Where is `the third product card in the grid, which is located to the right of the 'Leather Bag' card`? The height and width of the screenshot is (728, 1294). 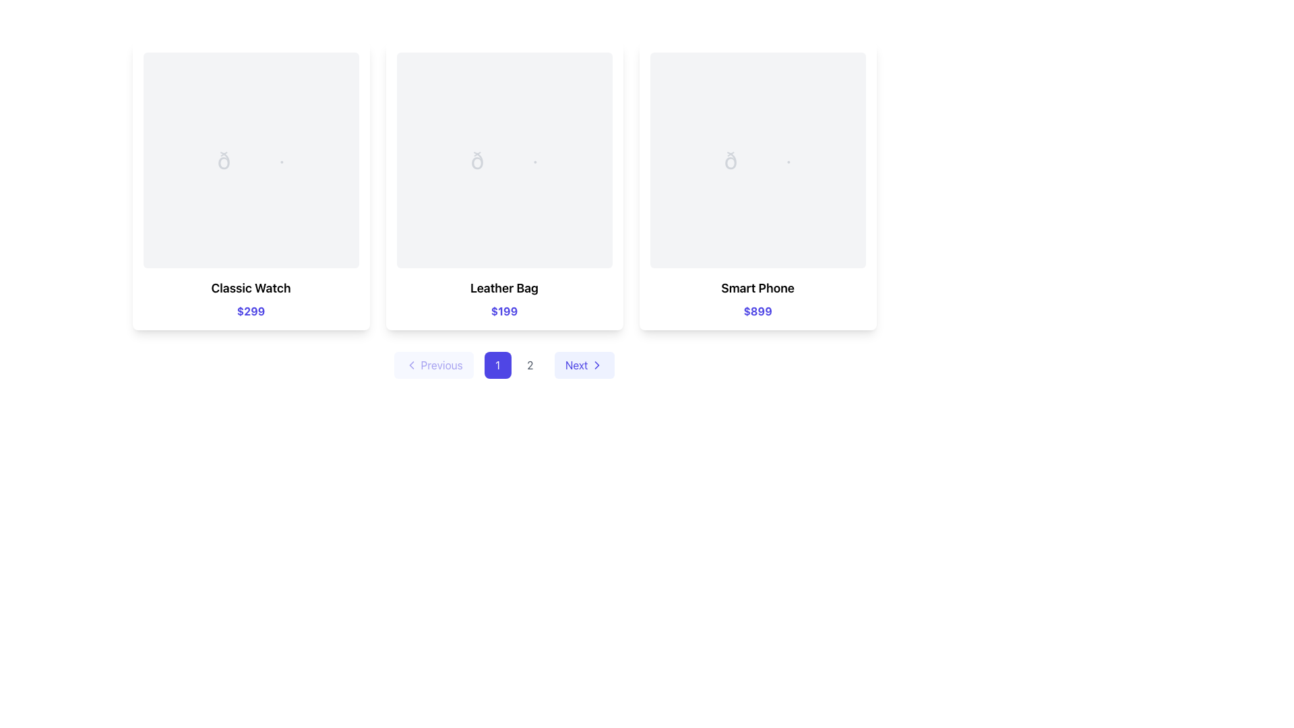 the third product card in the grid, which is located to the right of the 'Leather Bag' card is located at coordinates (758, 186).